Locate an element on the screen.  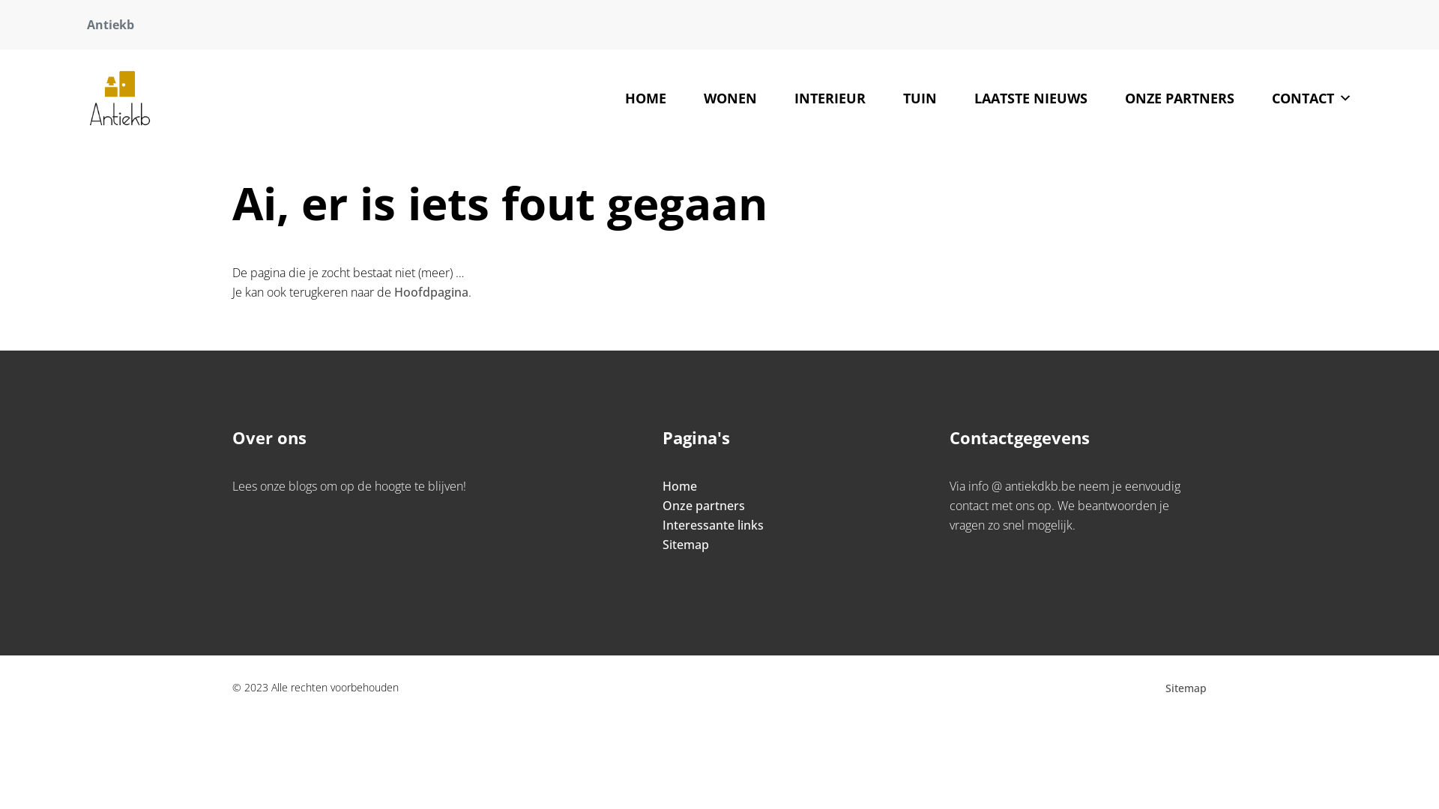
'TUIN' is located at coordinates (919, 98).